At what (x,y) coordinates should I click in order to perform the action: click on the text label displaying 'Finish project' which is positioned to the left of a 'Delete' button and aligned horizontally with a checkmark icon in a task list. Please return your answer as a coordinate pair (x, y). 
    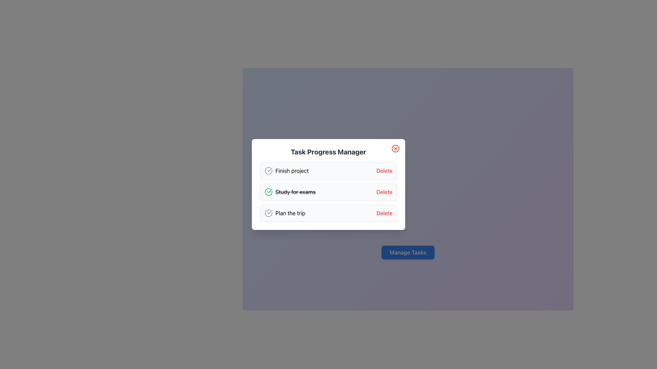
    Looking at the image, I should click on (286, 170).